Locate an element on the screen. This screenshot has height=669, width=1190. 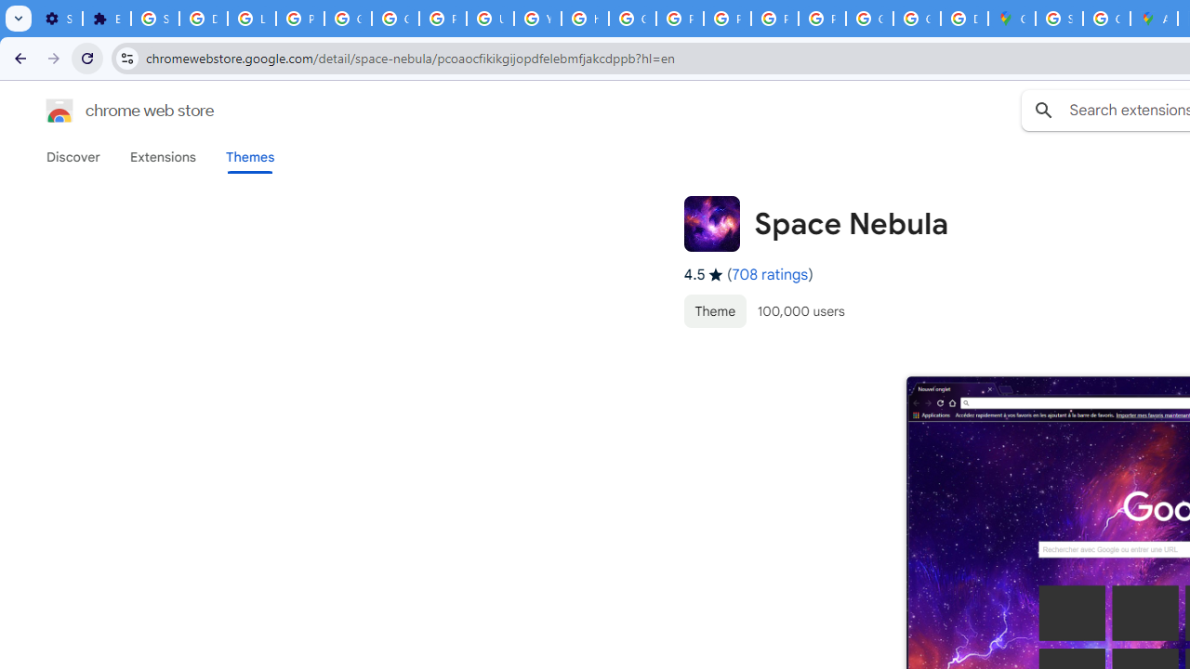
'Create your Google Account' is located at coordinates (1106, 19).